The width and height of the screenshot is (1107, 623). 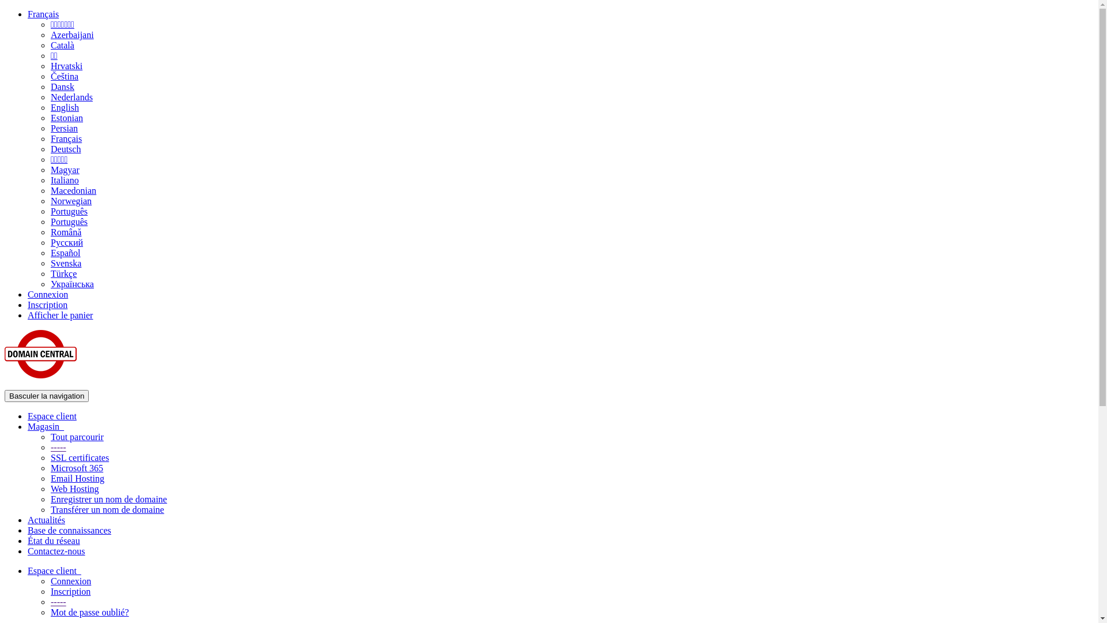 What do you see at coordinates (73, 190) in the screenshot?
I see `'Macedonian'` at bounding box center [73, 190].